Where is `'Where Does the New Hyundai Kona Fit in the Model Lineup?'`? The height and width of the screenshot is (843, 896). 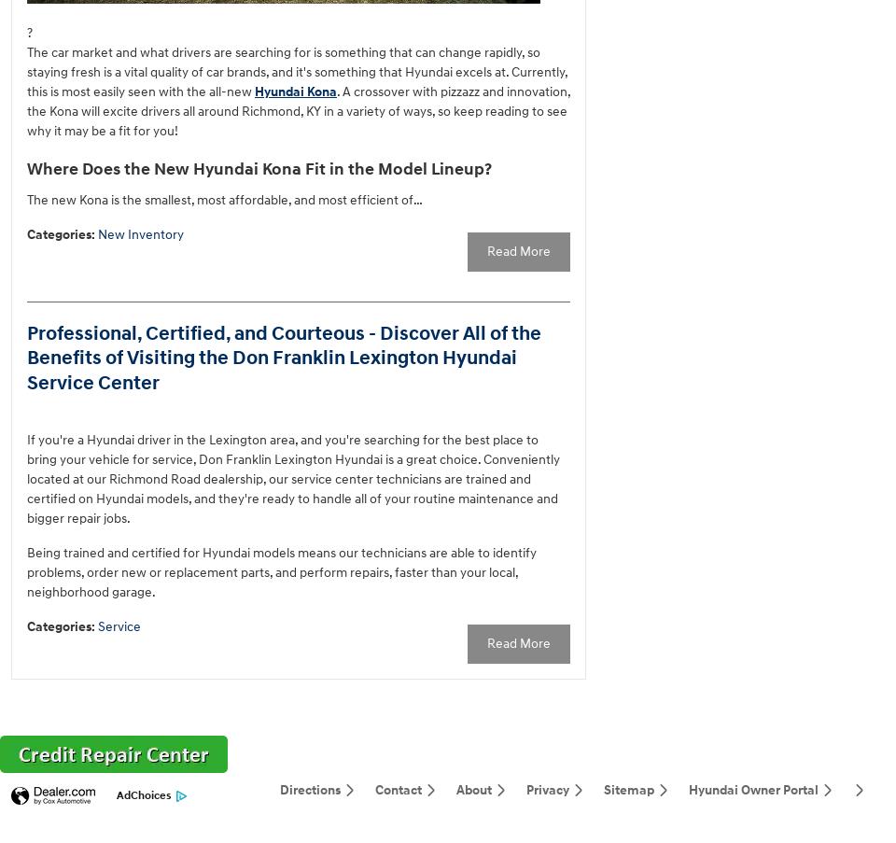 'Where Does the New Hyundai Kona Fit in the Model Lineup?' is located at coordinates (259, 167).